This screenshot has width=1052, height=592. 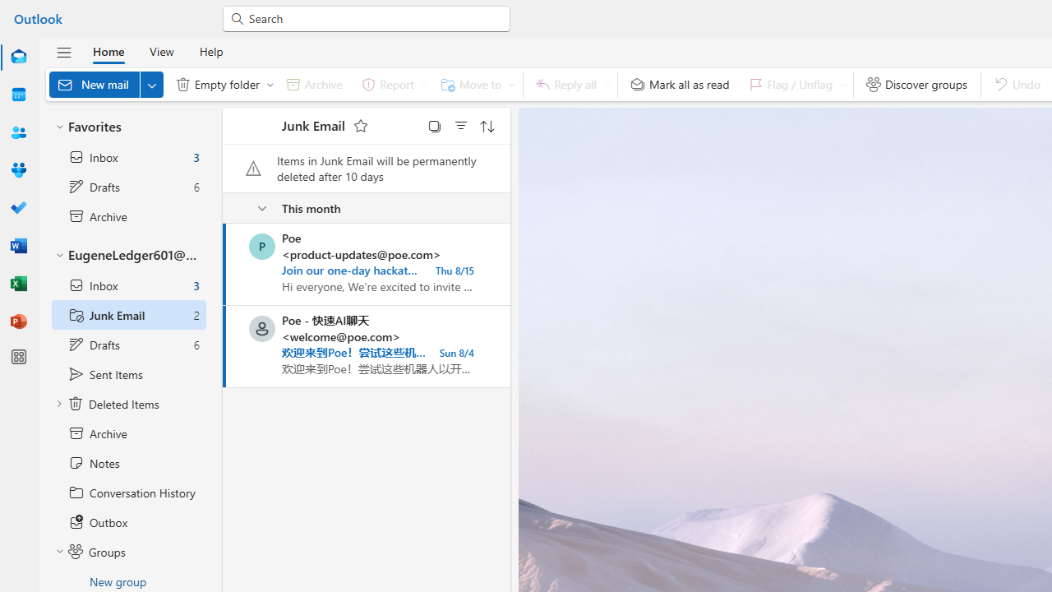 What do you see at coordinates (314, 84) in the screenshot?
I see `'Archive'` at bounding box center [314, 84].